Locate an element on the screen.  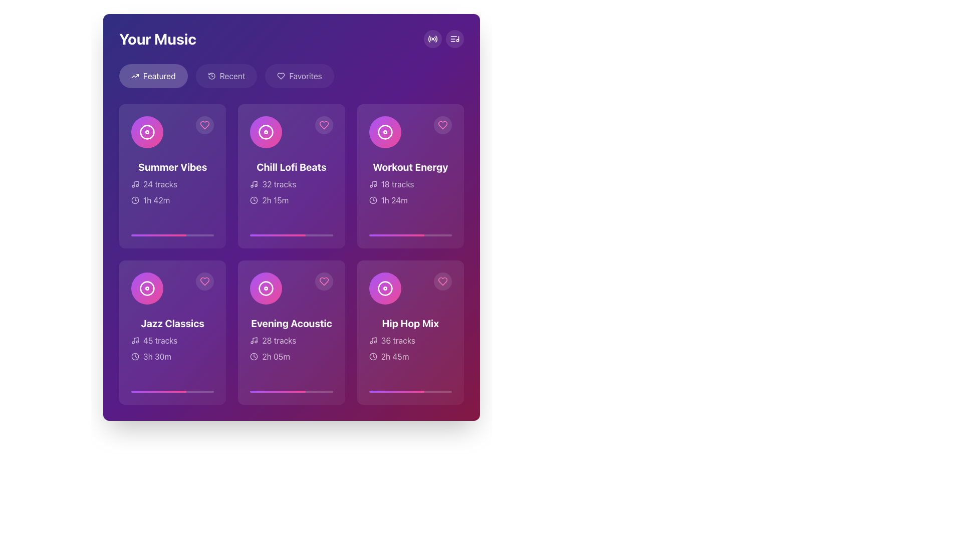
the decorative SVG circle that represents the main body of the clock icon, located in the top section of the interface is located at coordinates (254, 200).